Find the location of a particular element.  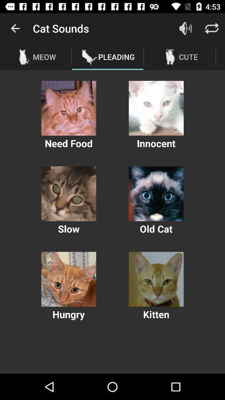

the item above the meow icon is located at coordinates (15, 28).